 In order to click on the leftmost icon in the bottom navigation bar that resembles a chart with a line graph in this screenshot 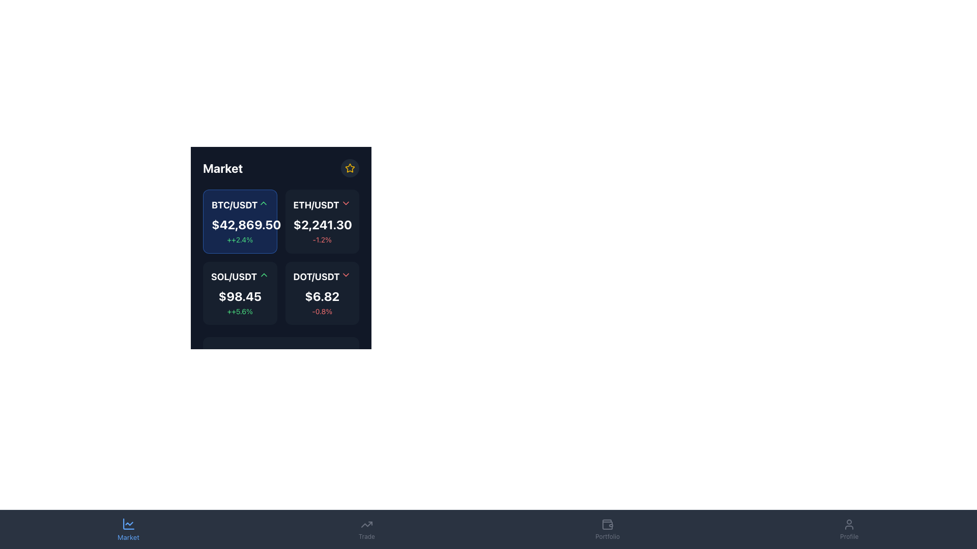, I will do `click(128, 524)`.